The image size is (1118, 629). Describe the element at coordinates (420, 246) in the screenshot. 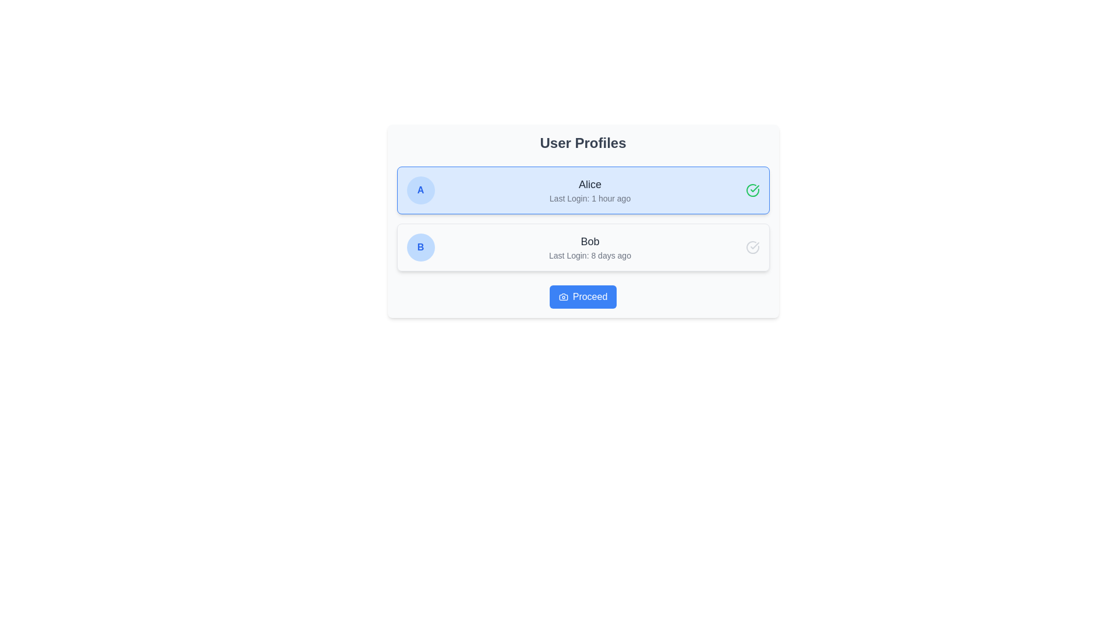

I see `the user identifier icon representing 'Bob' in the user entry list` at that location.